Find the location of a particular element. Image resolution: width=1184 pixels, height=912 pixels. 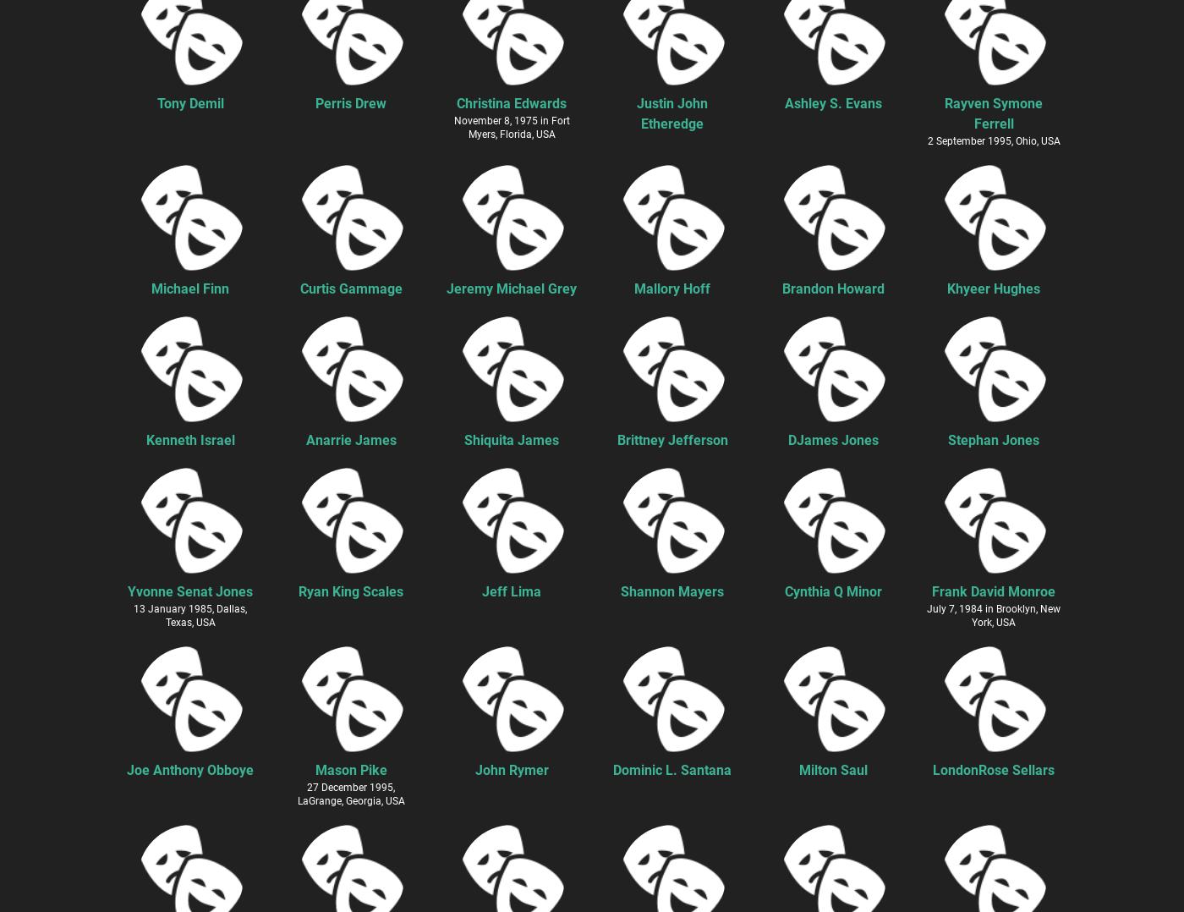

'13 January 1985, Dallas, Texas, USA' is located at coordinates (189, 614).